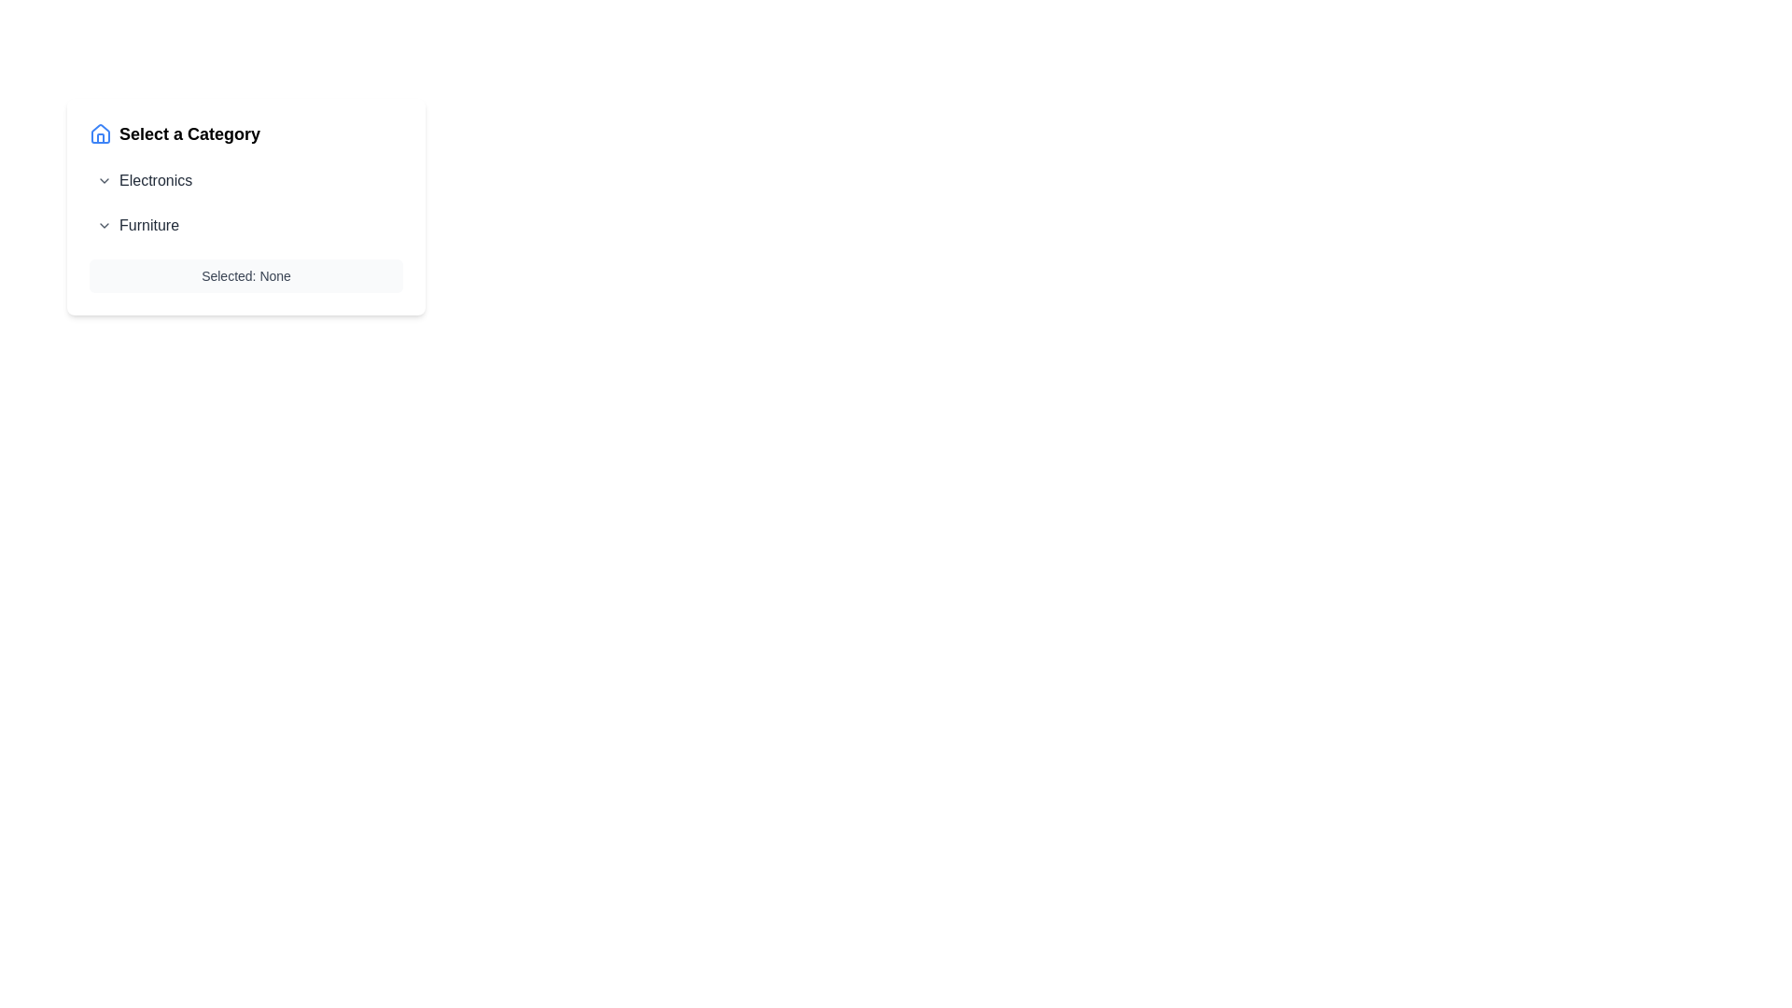 This screenshot has height=1008, width=1792. I want to click on the vertical separator component of the house icon located to the left of the 'Select a Category' text header, which is centrally positioned below the triangular roof part of the icon, so click(100, 137).